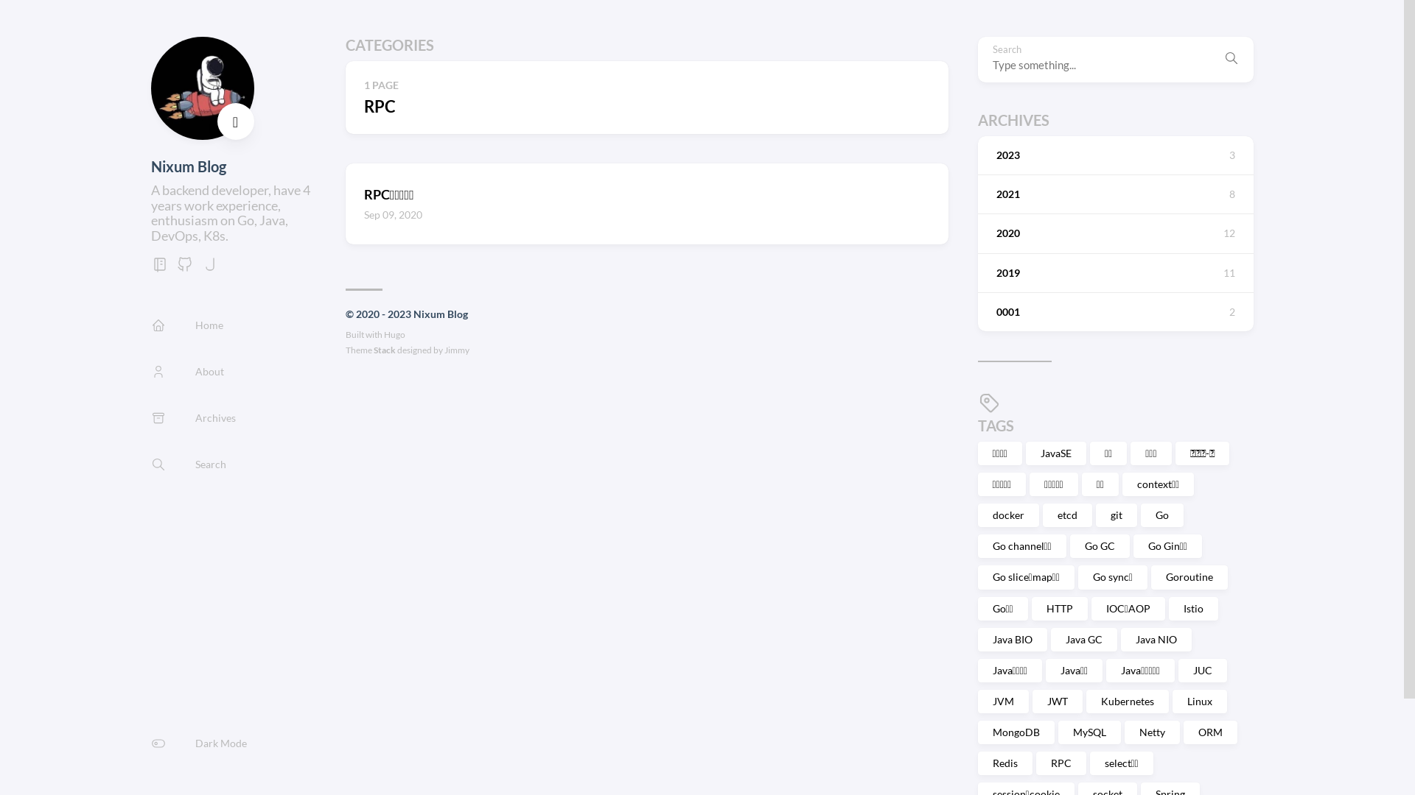  I want to click on 'gitbook', so click(159, 268).